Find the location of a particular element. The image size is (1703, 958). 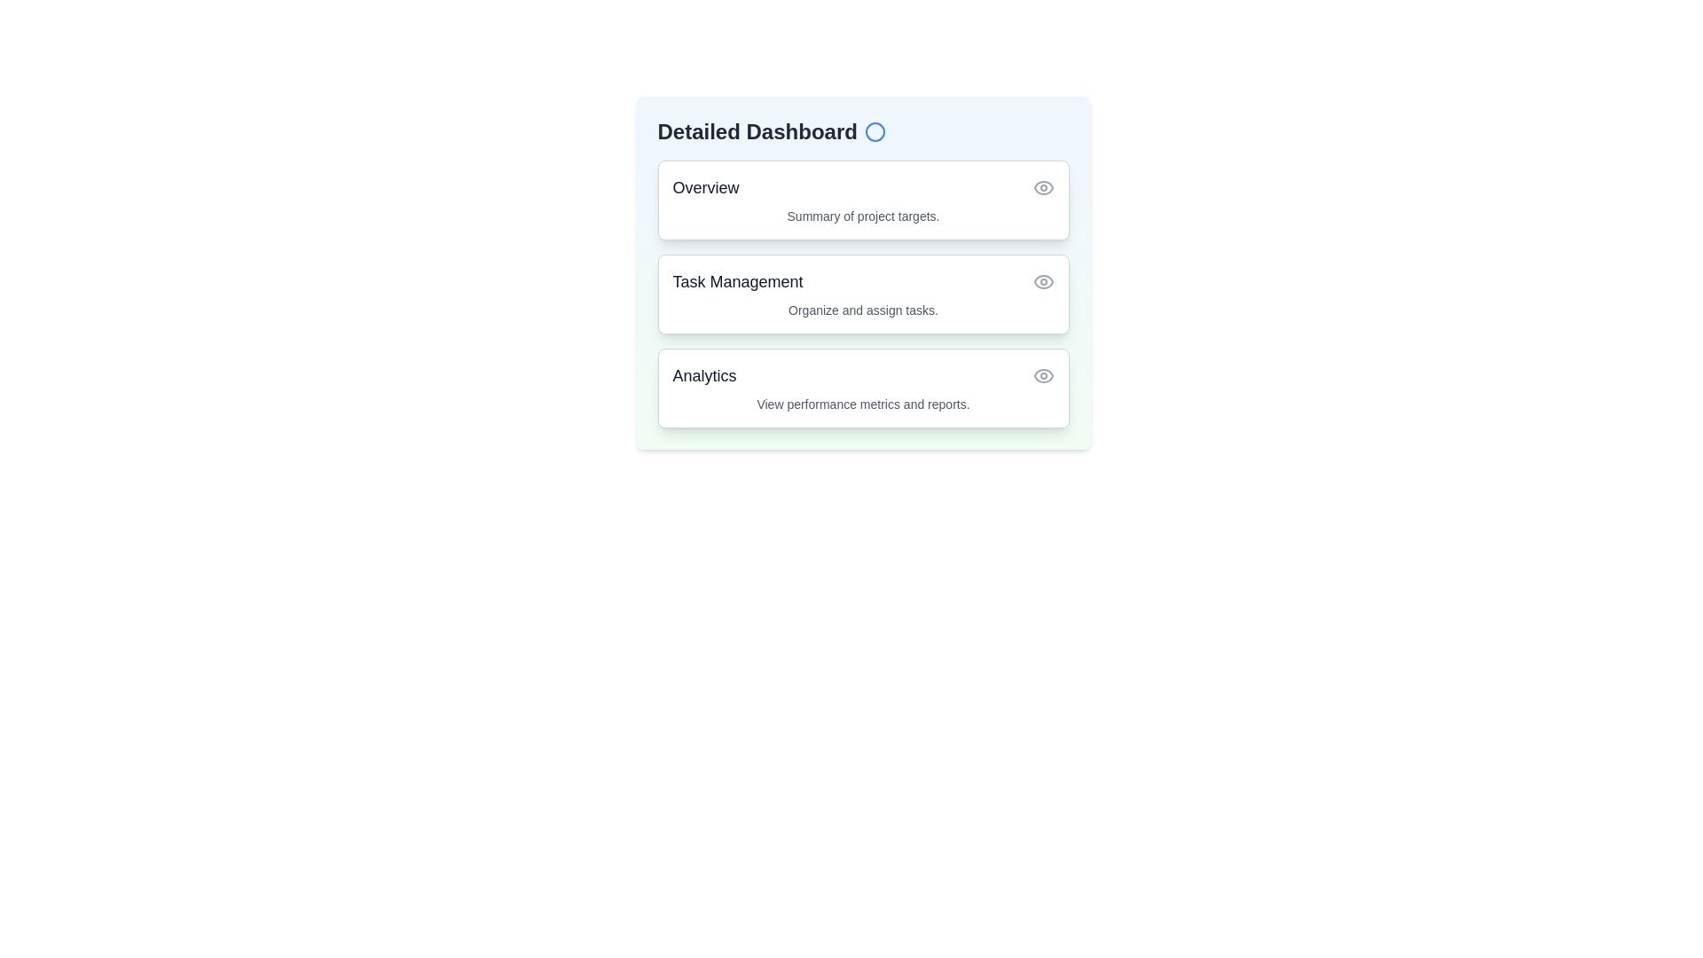

the item Analytics to observe its hover effect is located at coordinates (863, 388).